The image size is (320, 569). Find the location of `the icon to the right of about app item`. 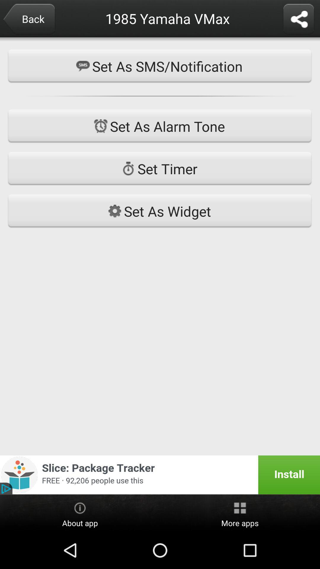

the icon to the right of about app item is located at coordinates (240, 513).